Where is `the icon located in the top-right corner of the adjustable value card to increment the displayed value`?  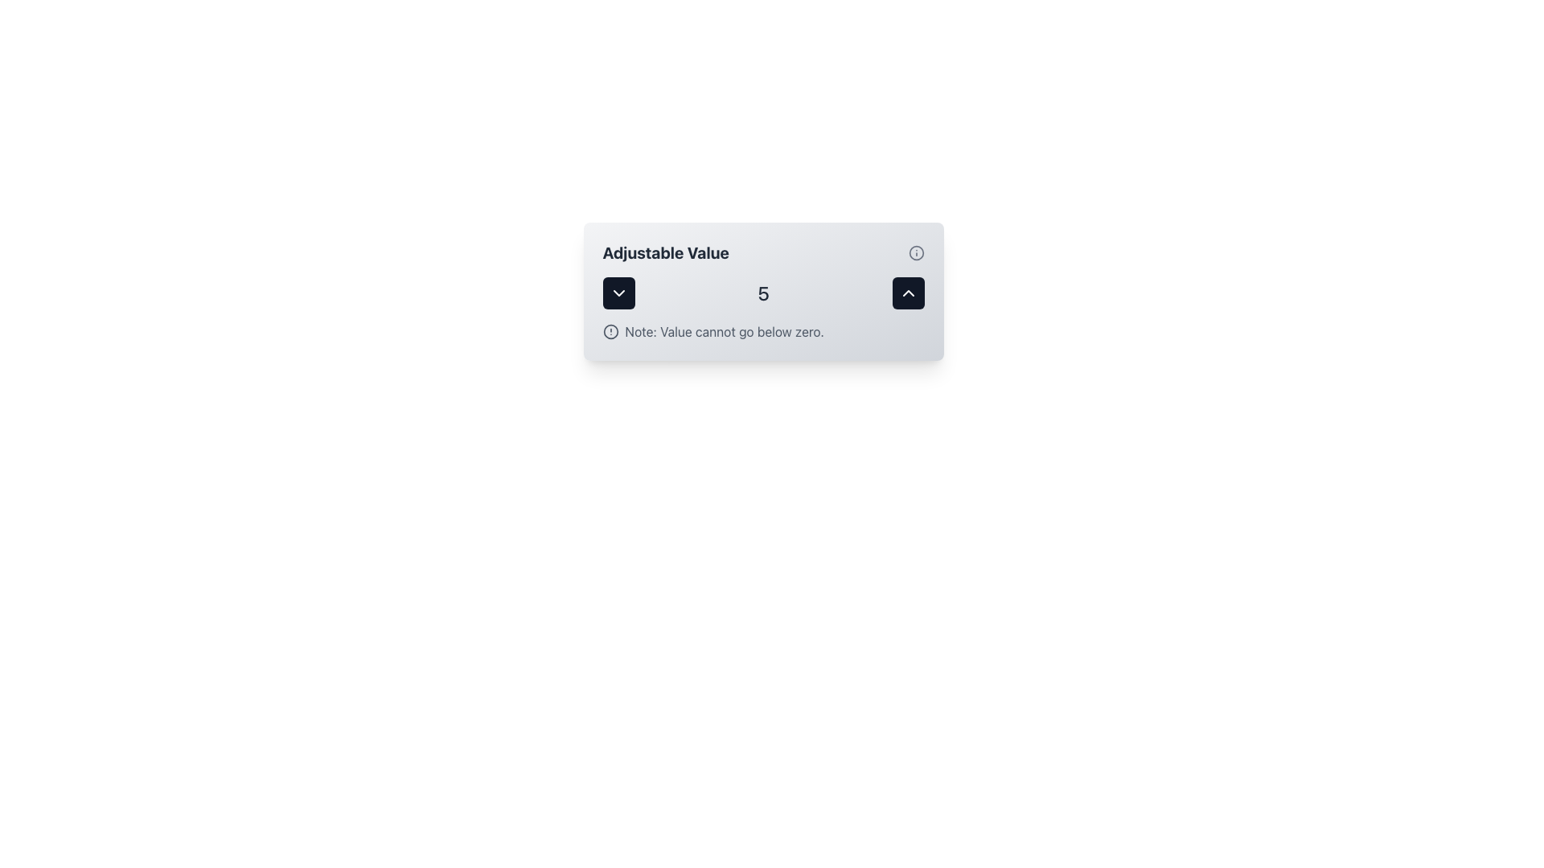 the icon located in the top-right corner of the adjustable value card to increment the displayed value is located at coordinates (908, 293).